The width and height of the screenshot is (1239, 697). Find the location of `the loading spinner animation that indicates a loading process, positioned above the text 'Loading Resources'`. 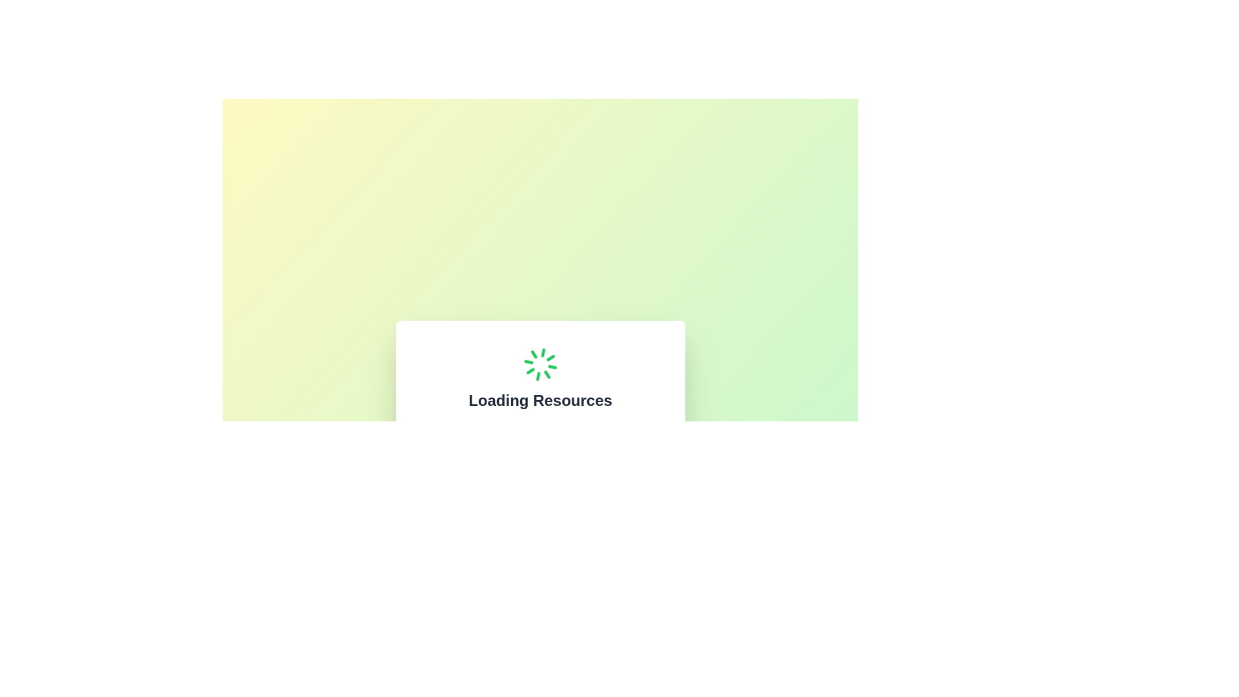

the loading spinner animation that indicates a loading process, positioned above the text 'Loading Resources' is located at coordinates (540, 364).